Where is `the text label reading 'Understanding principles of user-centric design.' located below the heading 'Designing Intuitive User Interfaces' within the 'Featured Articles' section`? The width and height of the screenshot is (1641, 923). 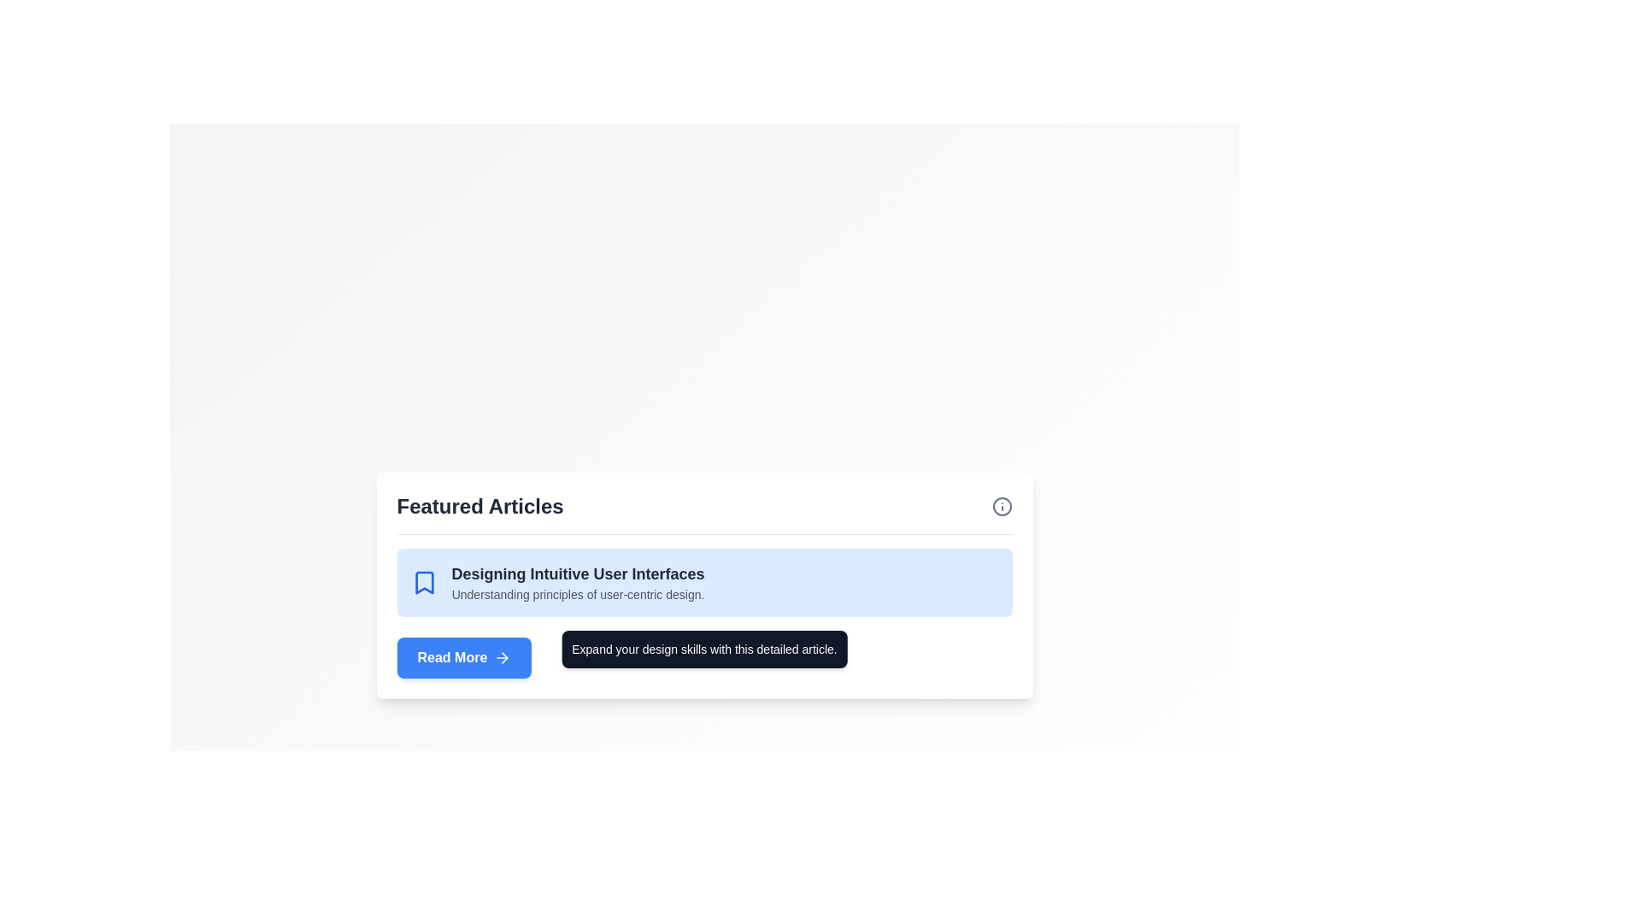
the text label reading 'Understanding principles of user-centric design.' located below the heading 'Designing Intuitive User Interfaces' within the 'Featured Articles' section is located at coordinates (578, 593).